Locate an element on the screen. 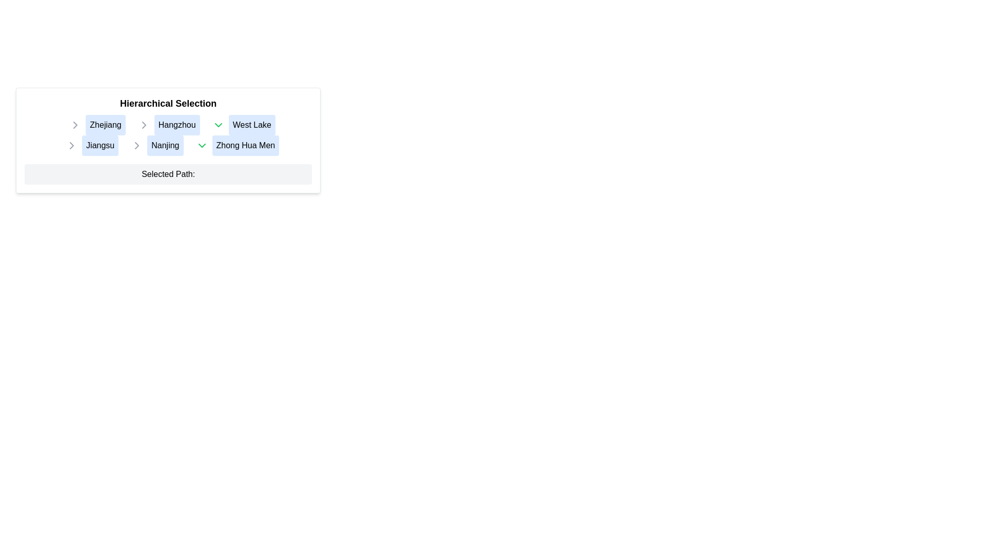 The width and height of the screenshot is (985, 554). the 'West Lake' text label in the hierarchical selection menu is located at coordinates (239, 124).